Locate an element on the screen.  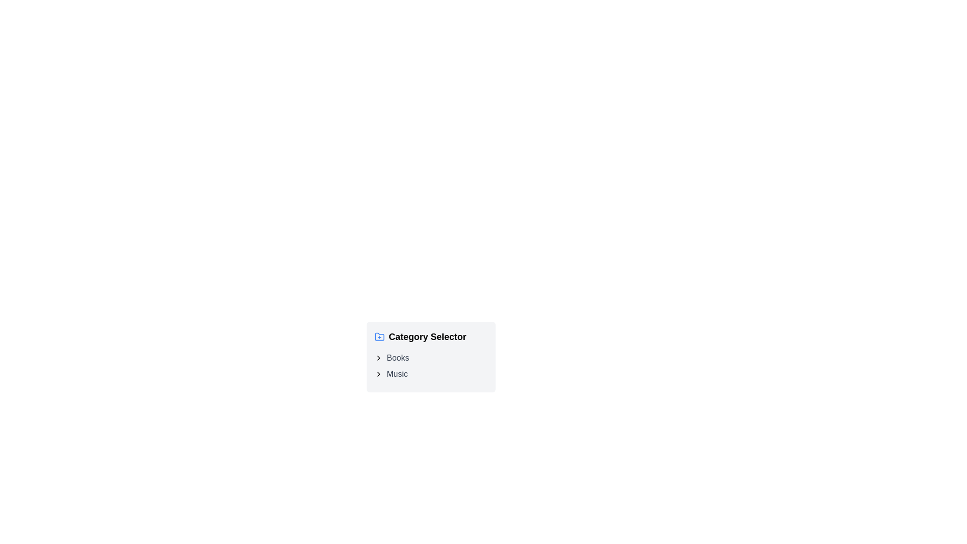
the navigation icon located to the left of the 'Music' text is located at coordinates (378, 374).